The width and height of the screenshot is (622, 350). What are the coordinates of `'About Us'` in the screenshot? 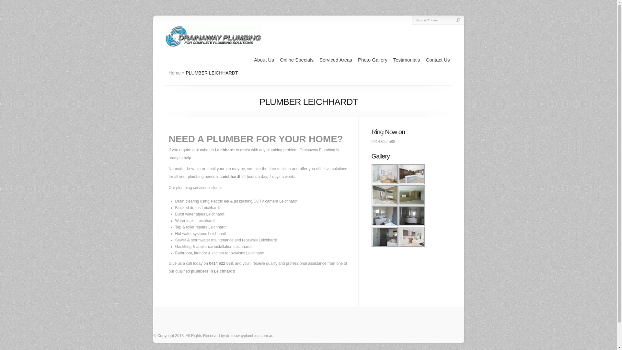 It's located at (253, 60).